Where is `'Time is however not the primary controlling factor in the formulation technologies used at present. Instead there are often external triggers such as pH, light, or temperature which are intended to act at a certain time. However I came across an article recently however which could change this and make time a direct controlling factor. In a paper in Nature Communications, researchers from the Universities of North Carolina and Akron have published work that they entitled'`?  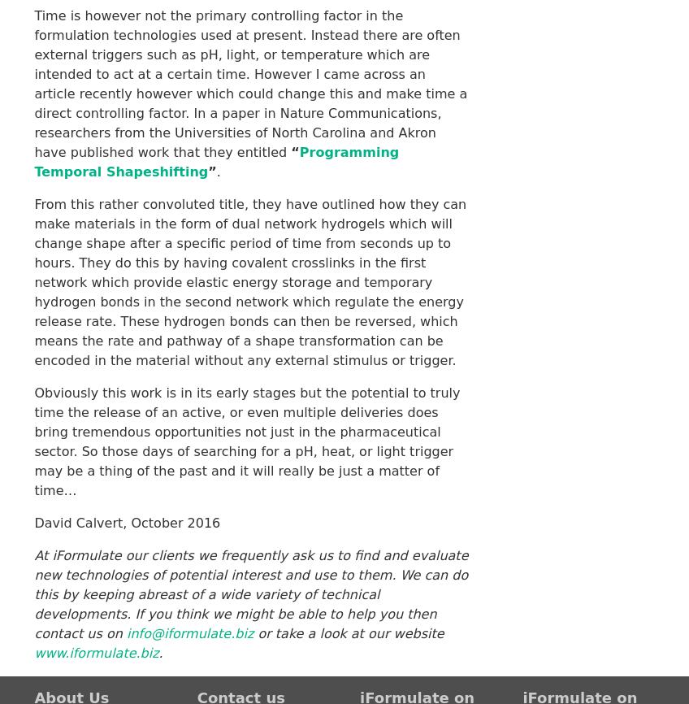 'Time is however not the primary controlling factor in the formulation technologies used at present. Instead there are often external triggers such as pH, light, or temperature which are intended to act at a certain time. However I came across an article recently however which could change this and make time a direct controlling factor. In a paper in Nature Communications, researchers from the Universities of North Carolina and Akron have published work that they entitled' is located at coordinates (250, 83).